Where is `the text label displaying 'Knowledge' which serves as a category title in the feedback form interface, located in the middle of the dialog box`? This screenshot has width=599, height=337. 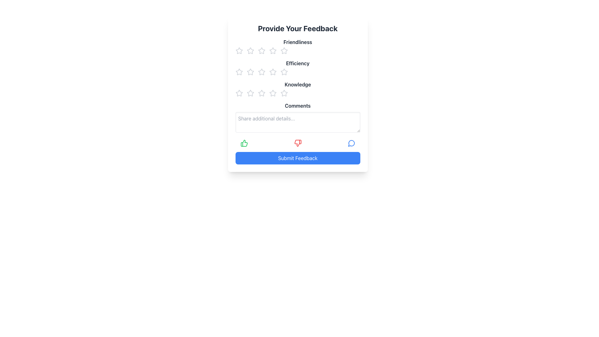 the text label displaying 'Knowledge' which serves as a category title in the feedback form interface, located in the middle of the dialog box is located at coordinates (297, 84).